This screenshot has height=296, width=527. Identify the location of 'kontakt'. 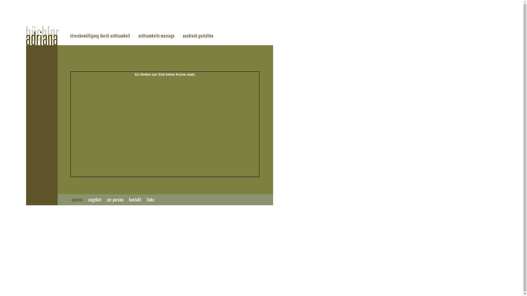
(135, 200).